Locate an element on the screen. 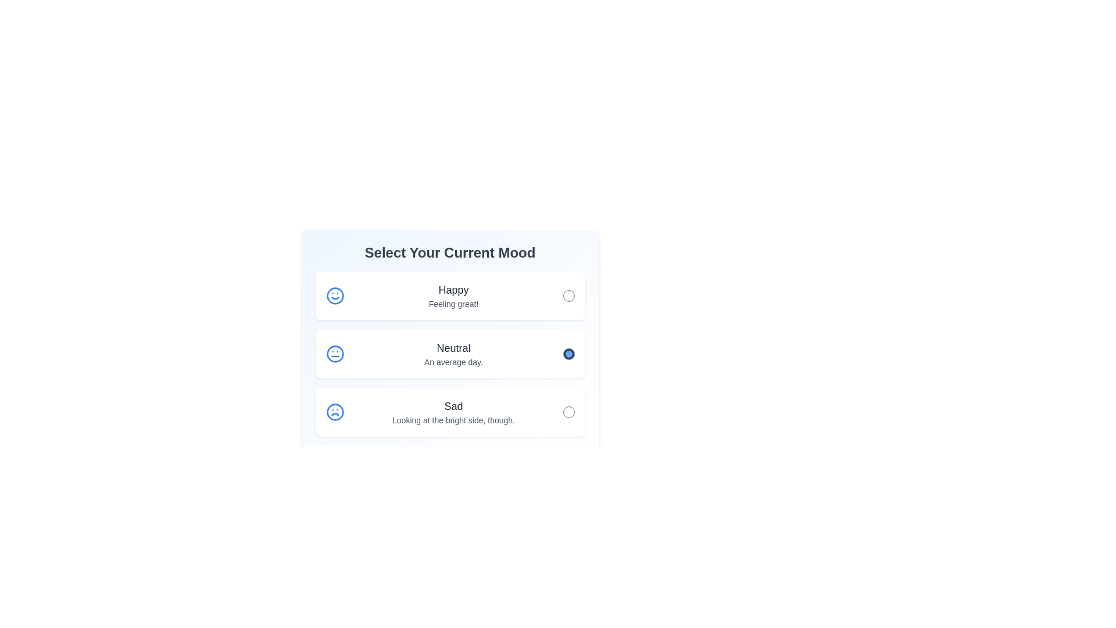 The image size is (1116, 628). the text label providing additional information about the mood option titled 'Neutral', located immediately below the main text 'Neutral' within the mood options list is located at coordinates (453, 362).